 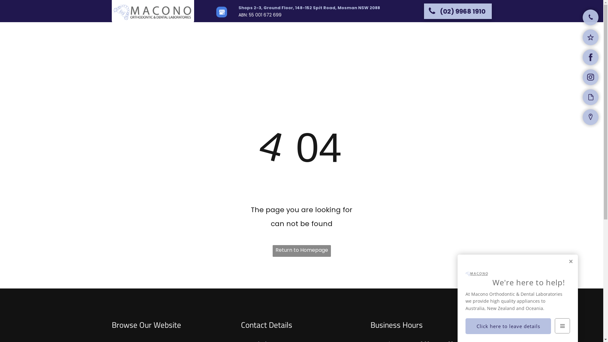 What do you see at coordinates (508, 326) in the screenshot?
I see `'Click here to leave details'` at bounding box center [508, 326].